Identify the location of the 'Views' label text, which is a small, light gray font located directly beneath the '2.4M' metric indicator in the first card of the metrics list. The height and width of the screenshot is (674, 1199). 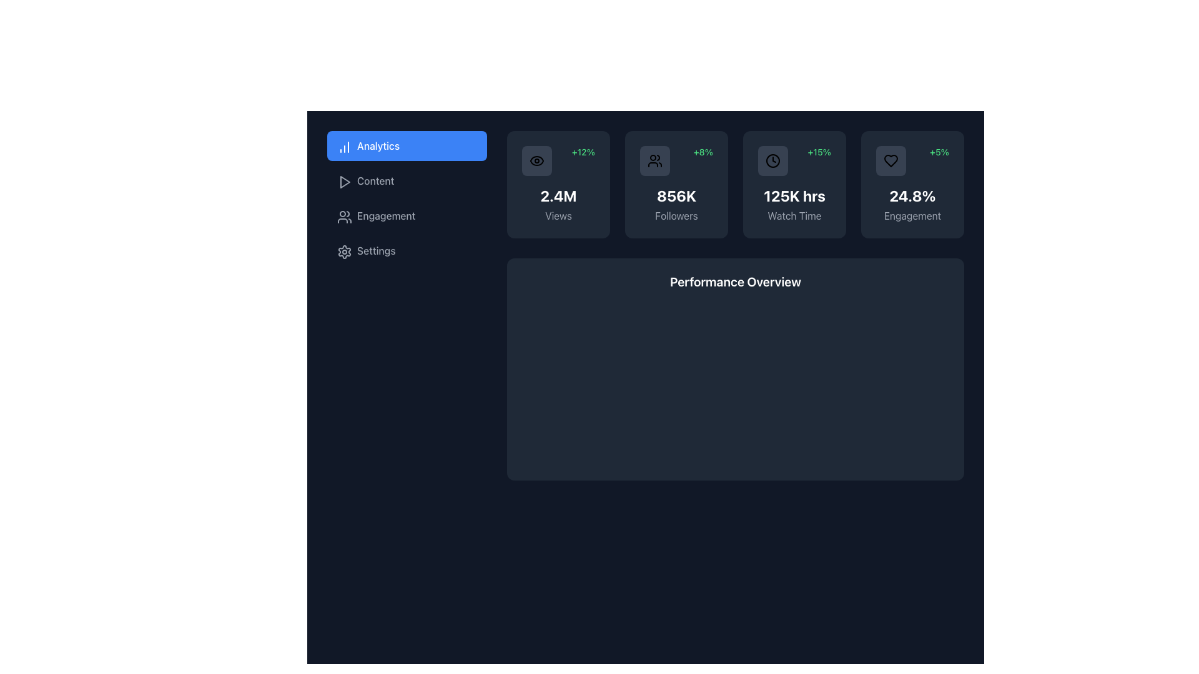
(558, 215).